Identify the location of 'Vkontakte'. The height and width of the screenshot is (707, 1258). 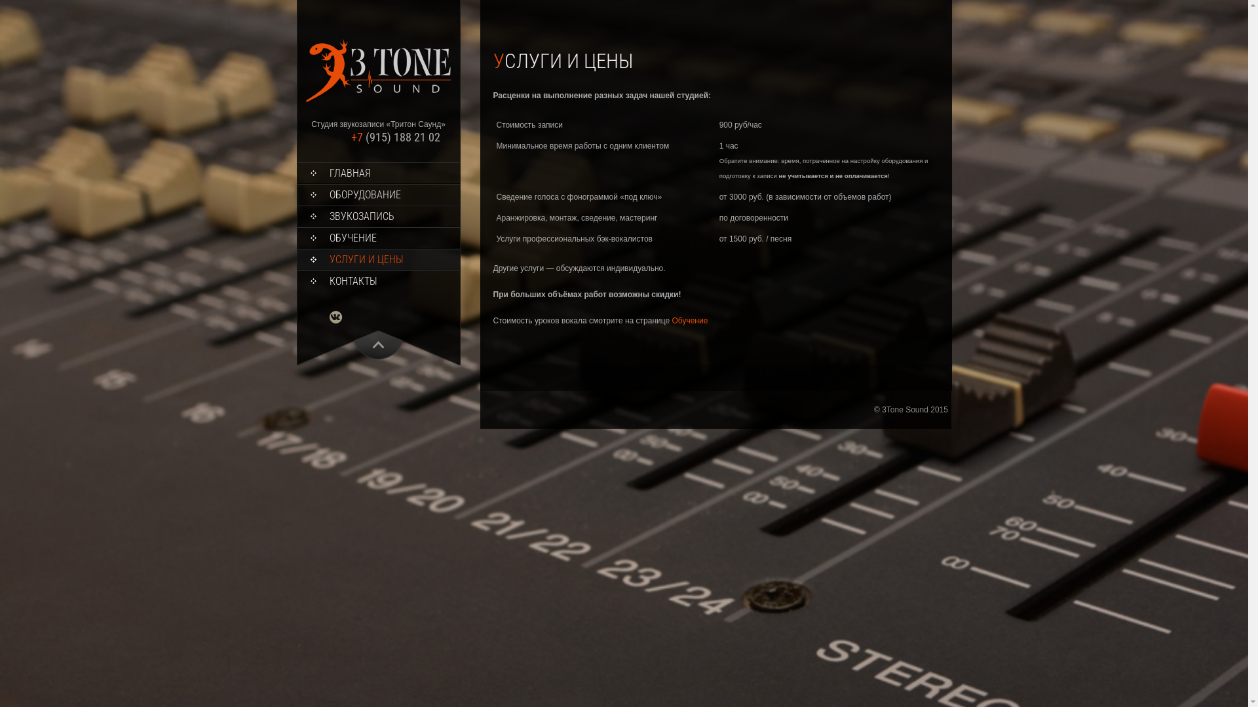
(342, 317).